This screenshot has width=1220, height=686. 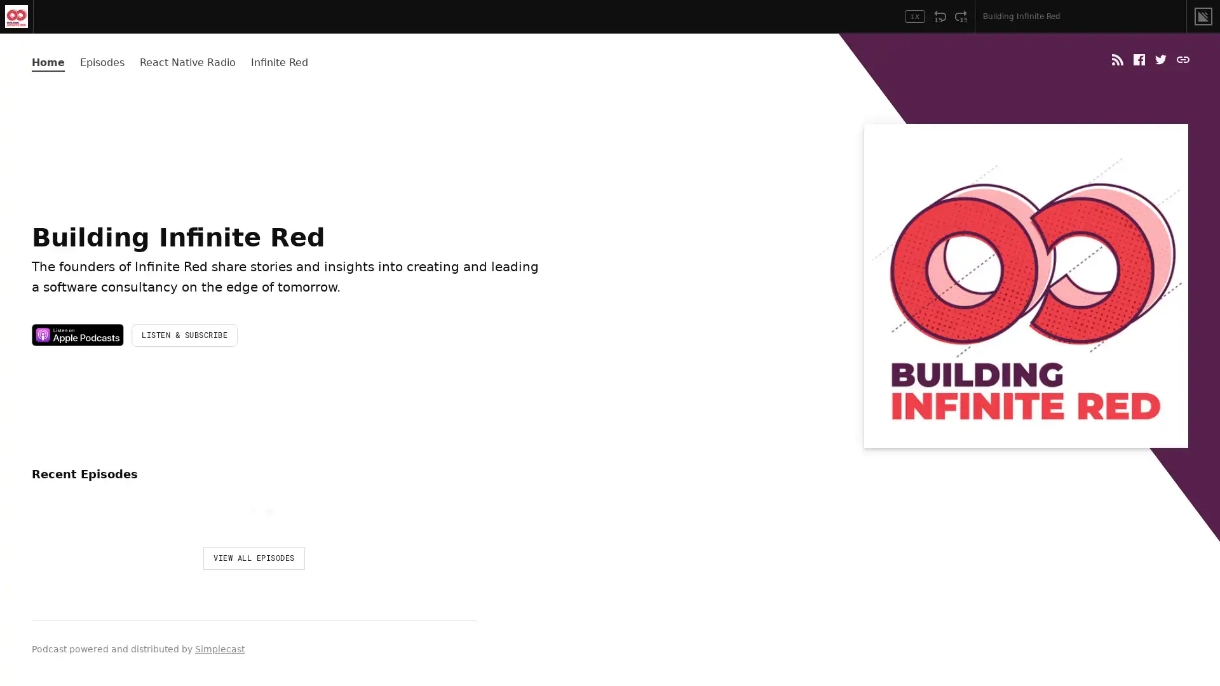 I want to click on Toggle Speed: Current Speed 1x, so click(x=915, y=17).